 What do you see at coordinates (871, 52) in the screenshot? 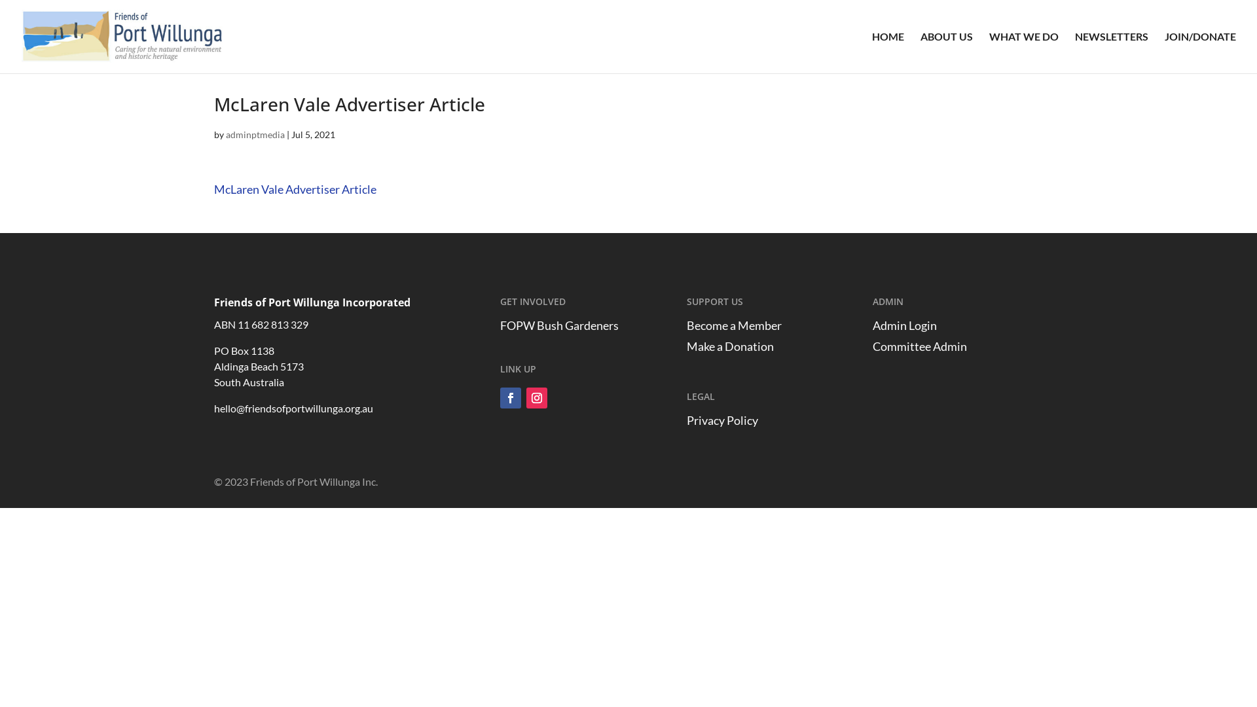
I see `'HOME'` at bounding box center [871, 52].